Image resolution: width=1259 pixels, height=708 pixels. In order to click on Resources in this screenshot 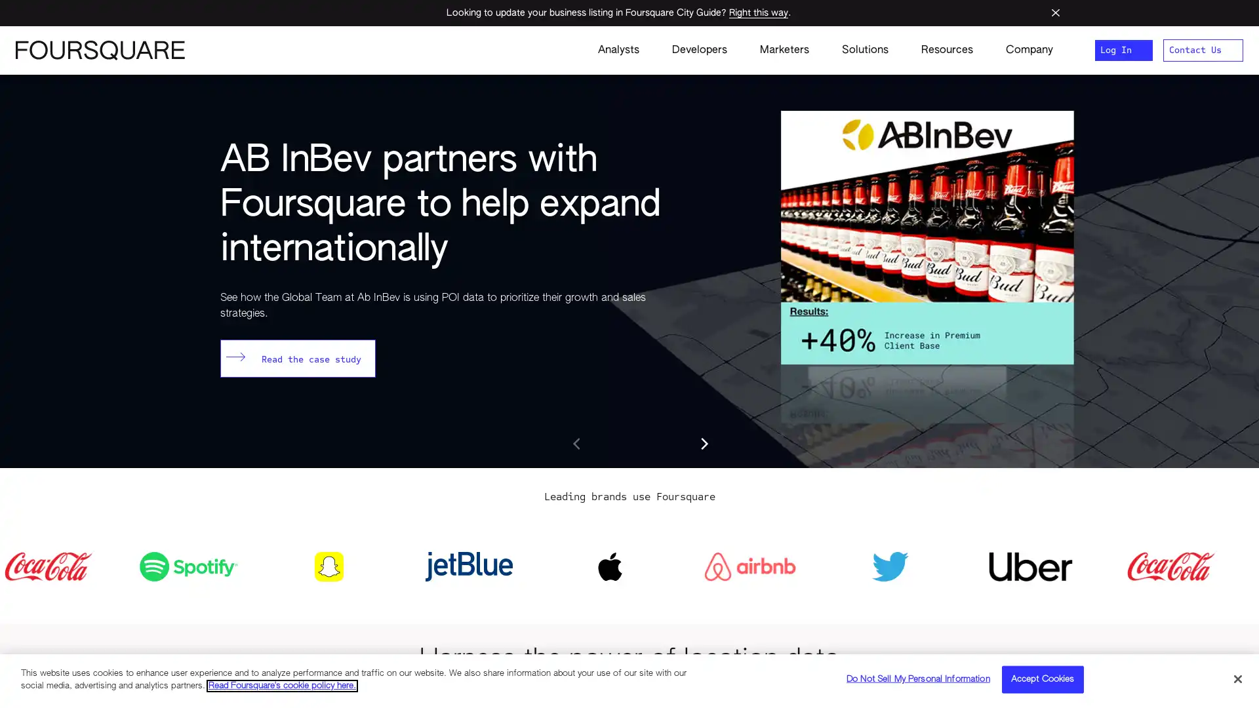, I will do `click(947, 50)`.